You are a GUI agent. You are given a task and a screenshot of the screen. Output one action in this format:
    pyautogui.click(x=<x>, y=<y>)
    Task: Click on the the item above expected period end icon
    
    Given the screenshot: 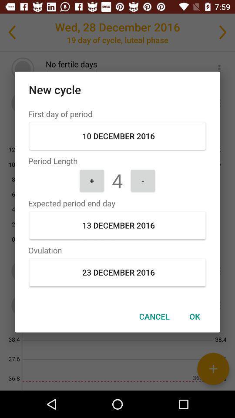 What is the action you would take?
    pyautogui.click(x=91, y=180)
    